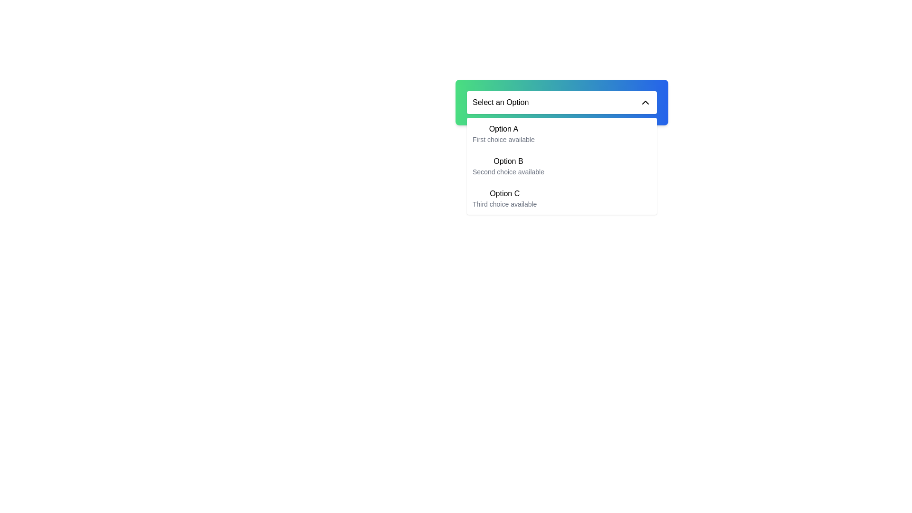  I want to click on the dropdown menu titled 'Select an Option', so click(561, 103).